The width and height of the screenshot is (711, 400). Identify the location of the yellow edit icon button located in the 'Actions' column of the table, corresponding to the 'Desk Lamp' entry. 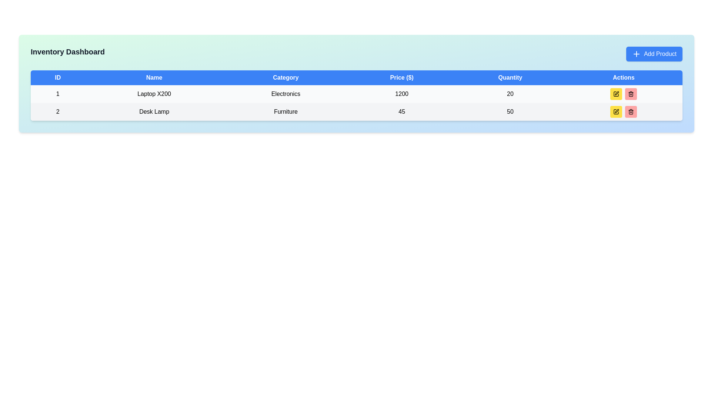
(616, 94).